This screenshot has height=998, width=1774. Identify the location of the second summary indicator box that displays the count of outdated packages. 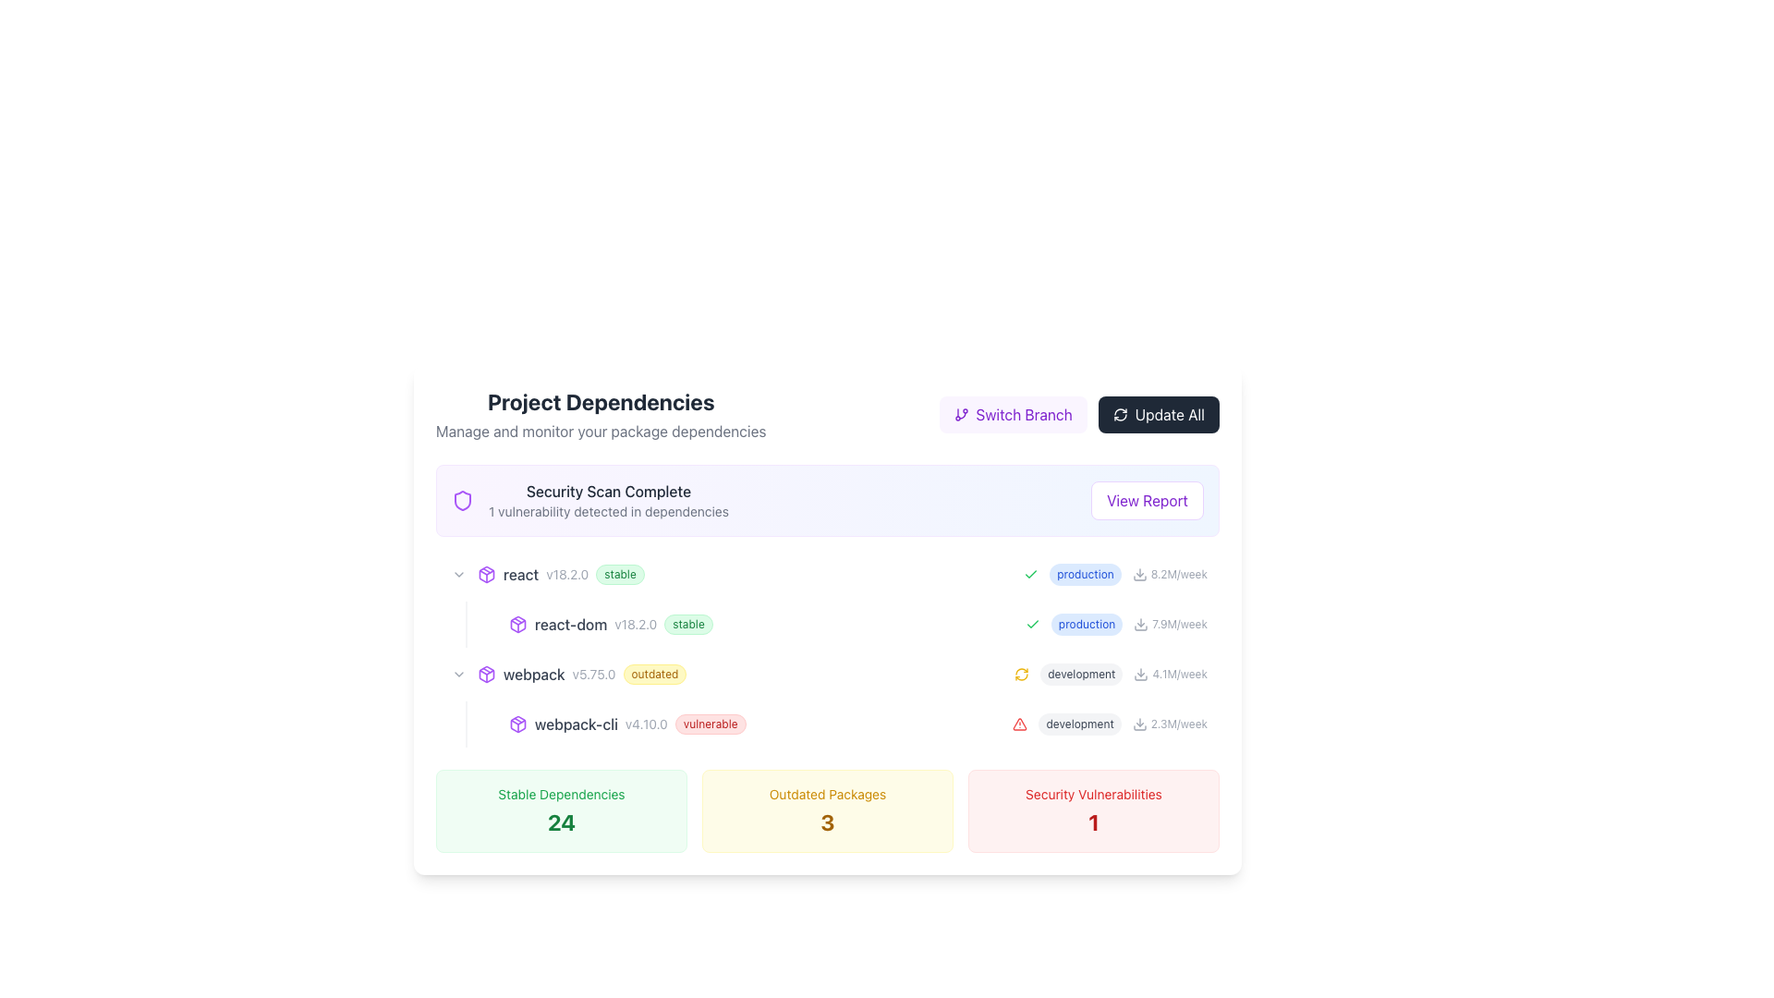
(827, 810).